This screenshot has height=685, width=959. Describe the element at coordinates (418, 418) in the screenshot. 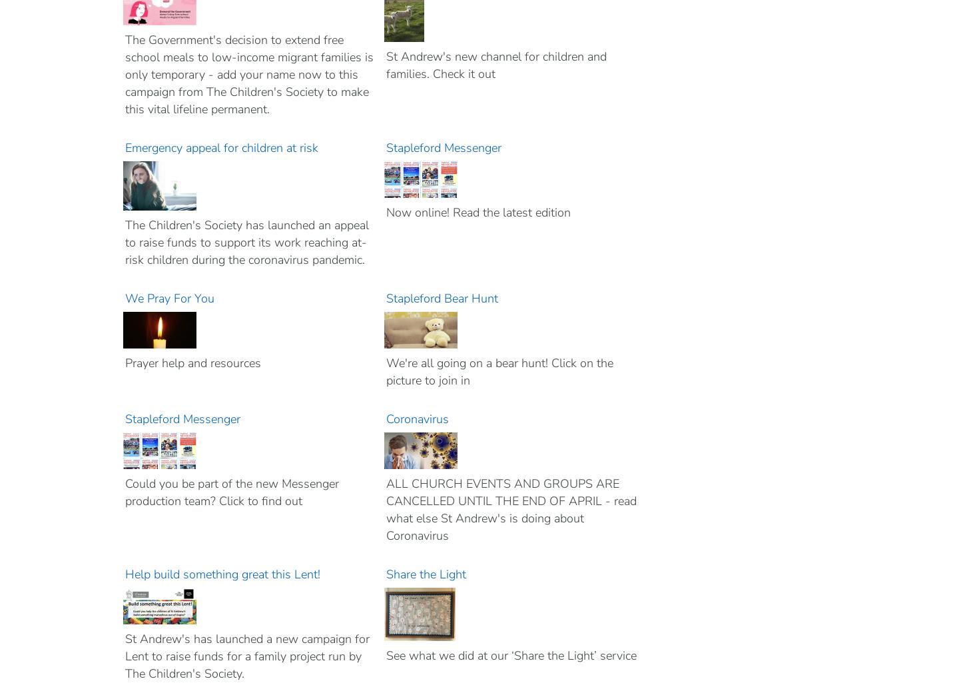

I see `'Coronavirus'` at that location.